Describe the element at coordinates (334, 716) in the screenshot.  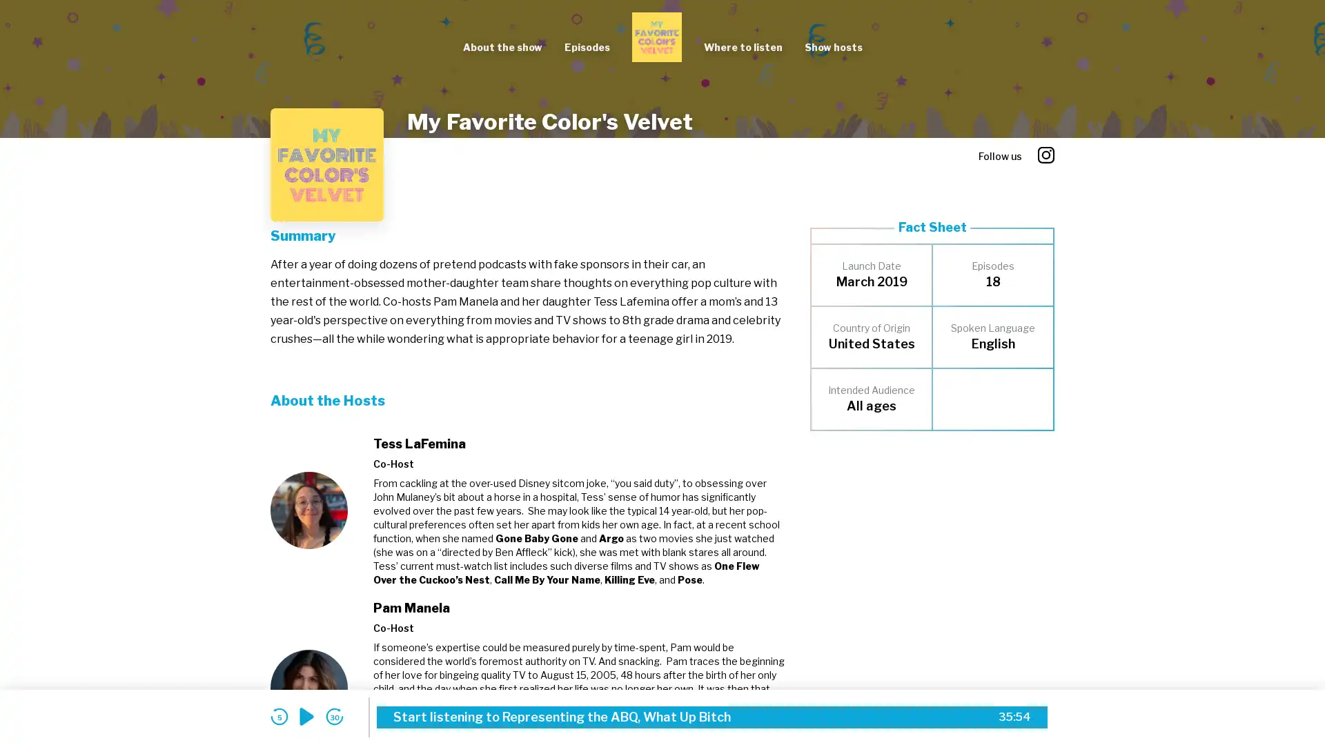
I see `skip forward 30 seconds` at that location.